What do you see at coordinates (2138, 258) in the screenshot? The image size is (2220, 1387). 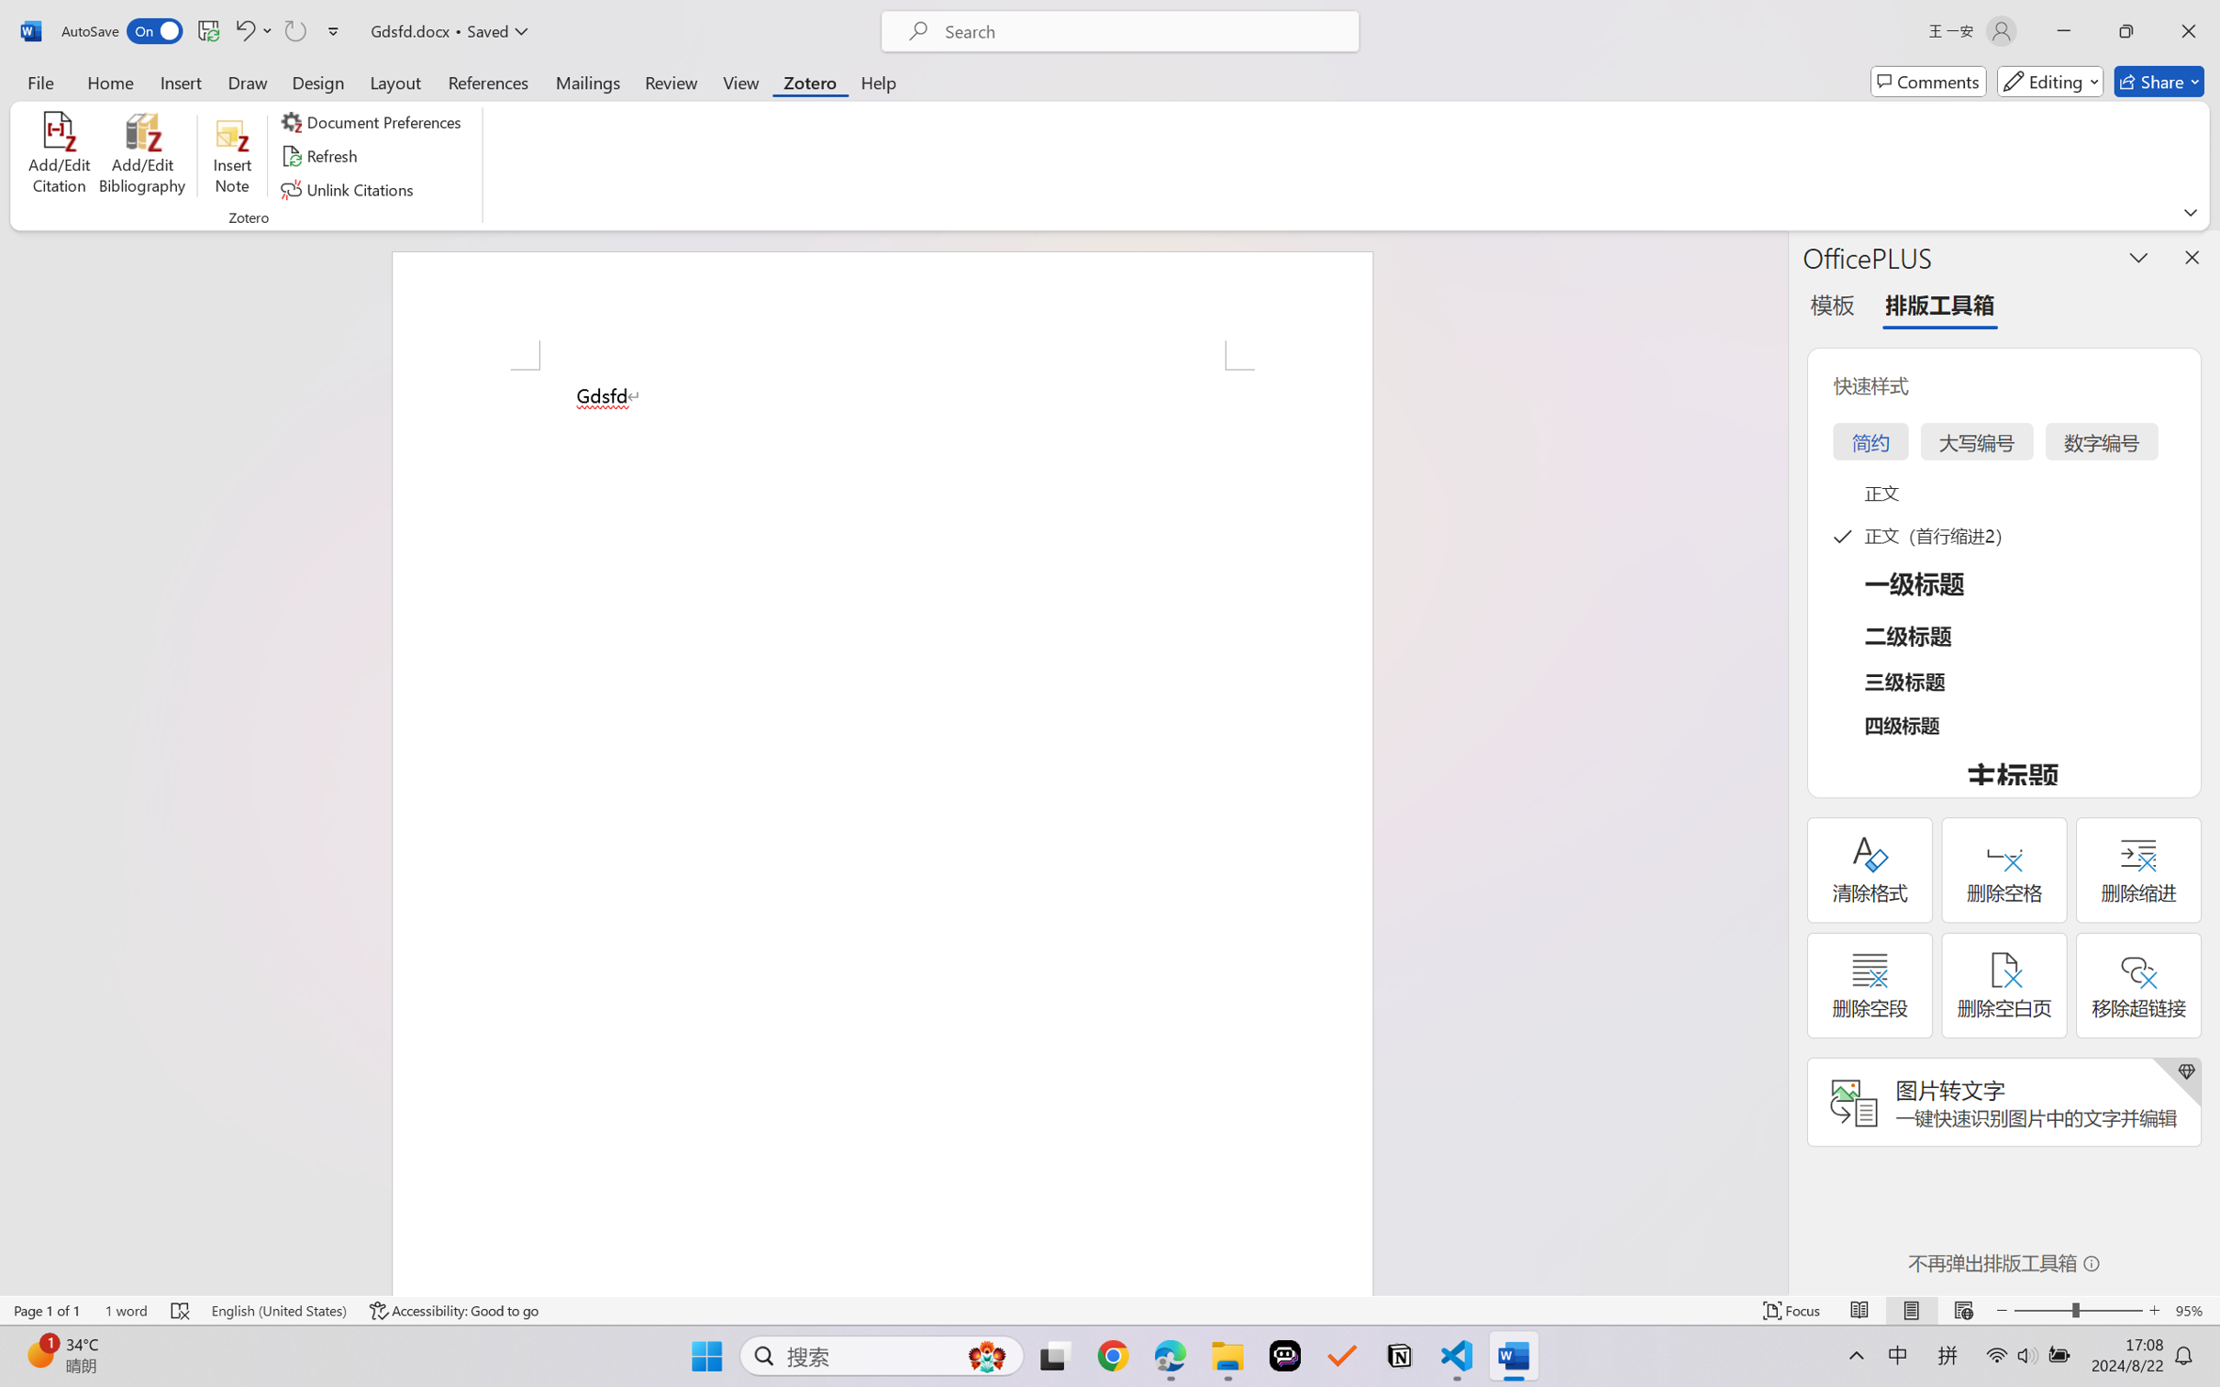 I see `'Task Pane Options'` at bounding box center [2138, 258].